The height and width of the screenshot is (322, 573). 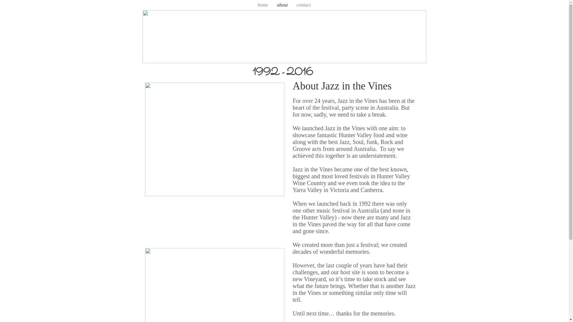 I want to click on 'contact', so click(x=292, y=5).